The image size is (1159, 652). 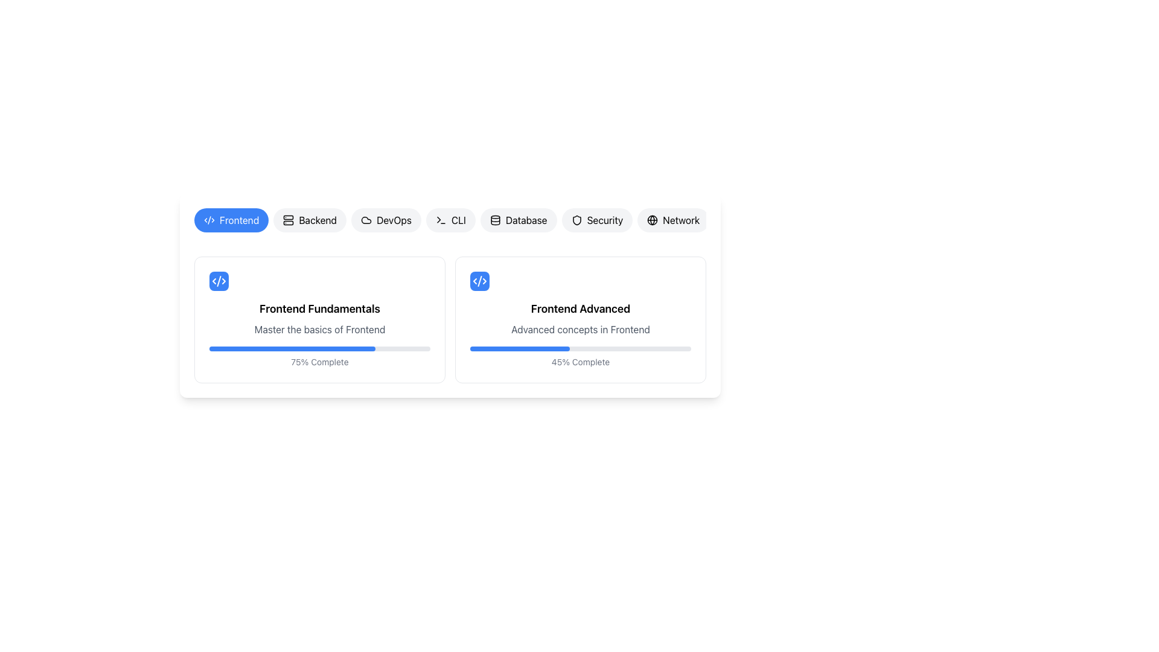 What do you see at coordinates (479, 281) in the screenshot?
I see `the blue rectangular button with a white code symbol icon located at the top-left of the 'Frontend Advanced' card` at bounding box center [479, 281].